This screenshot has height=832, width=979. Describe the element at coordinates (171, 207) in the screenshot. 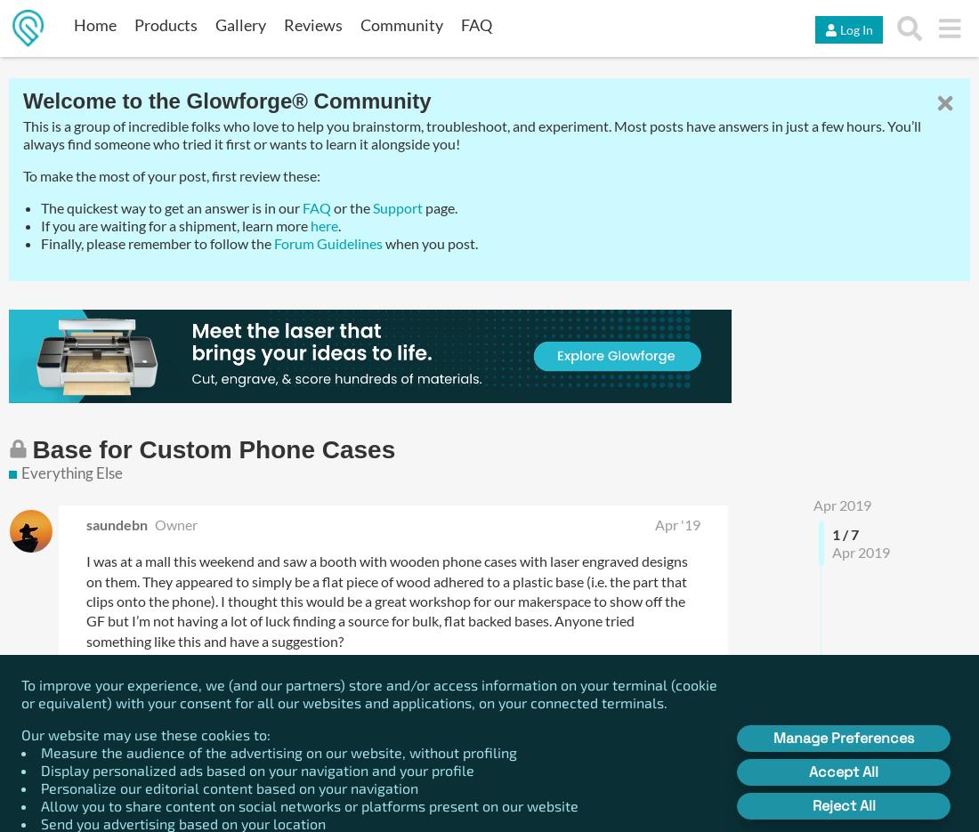

I see `'The quickest way to get an answer is in our'` at that location.